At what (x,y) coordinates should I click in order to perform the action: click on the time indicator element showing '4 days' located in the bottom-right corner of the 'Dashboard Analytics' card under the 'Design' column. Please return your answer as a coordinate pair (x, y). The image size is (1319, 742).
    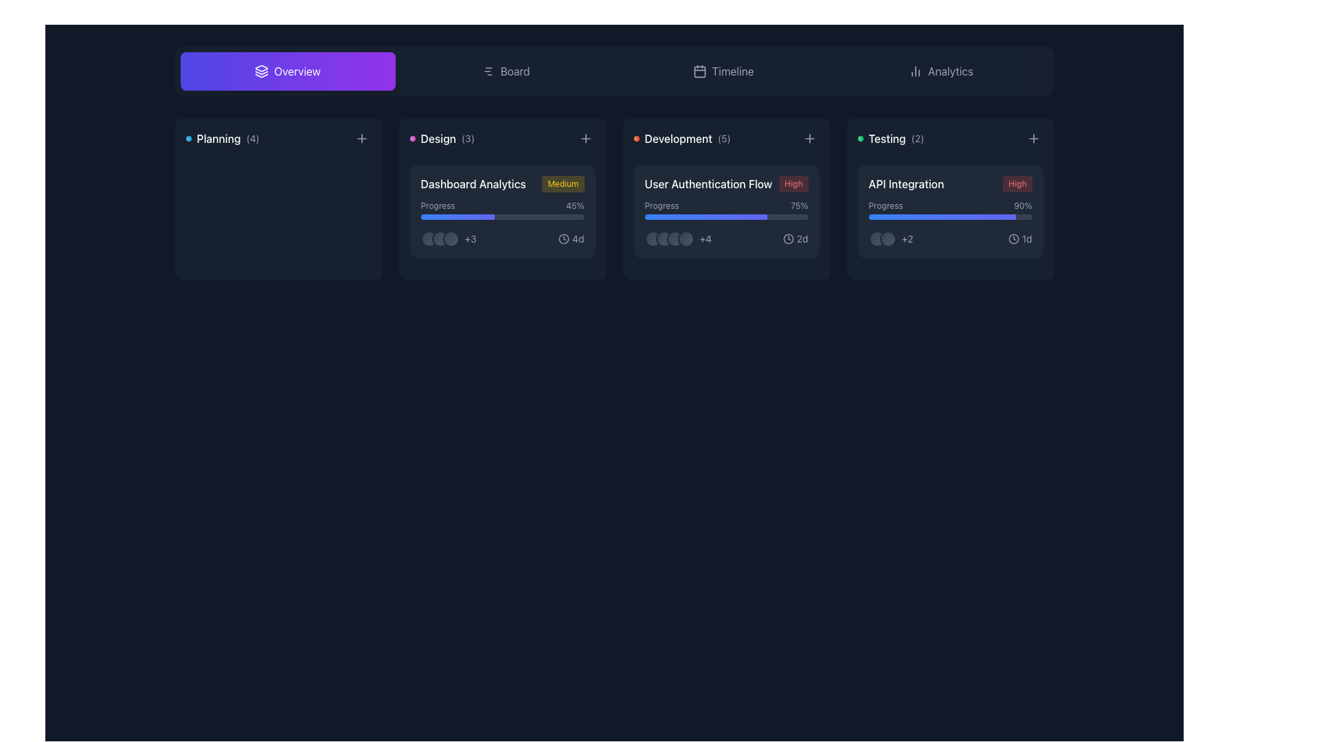
    Looking at the image, I should click on (571, 238).